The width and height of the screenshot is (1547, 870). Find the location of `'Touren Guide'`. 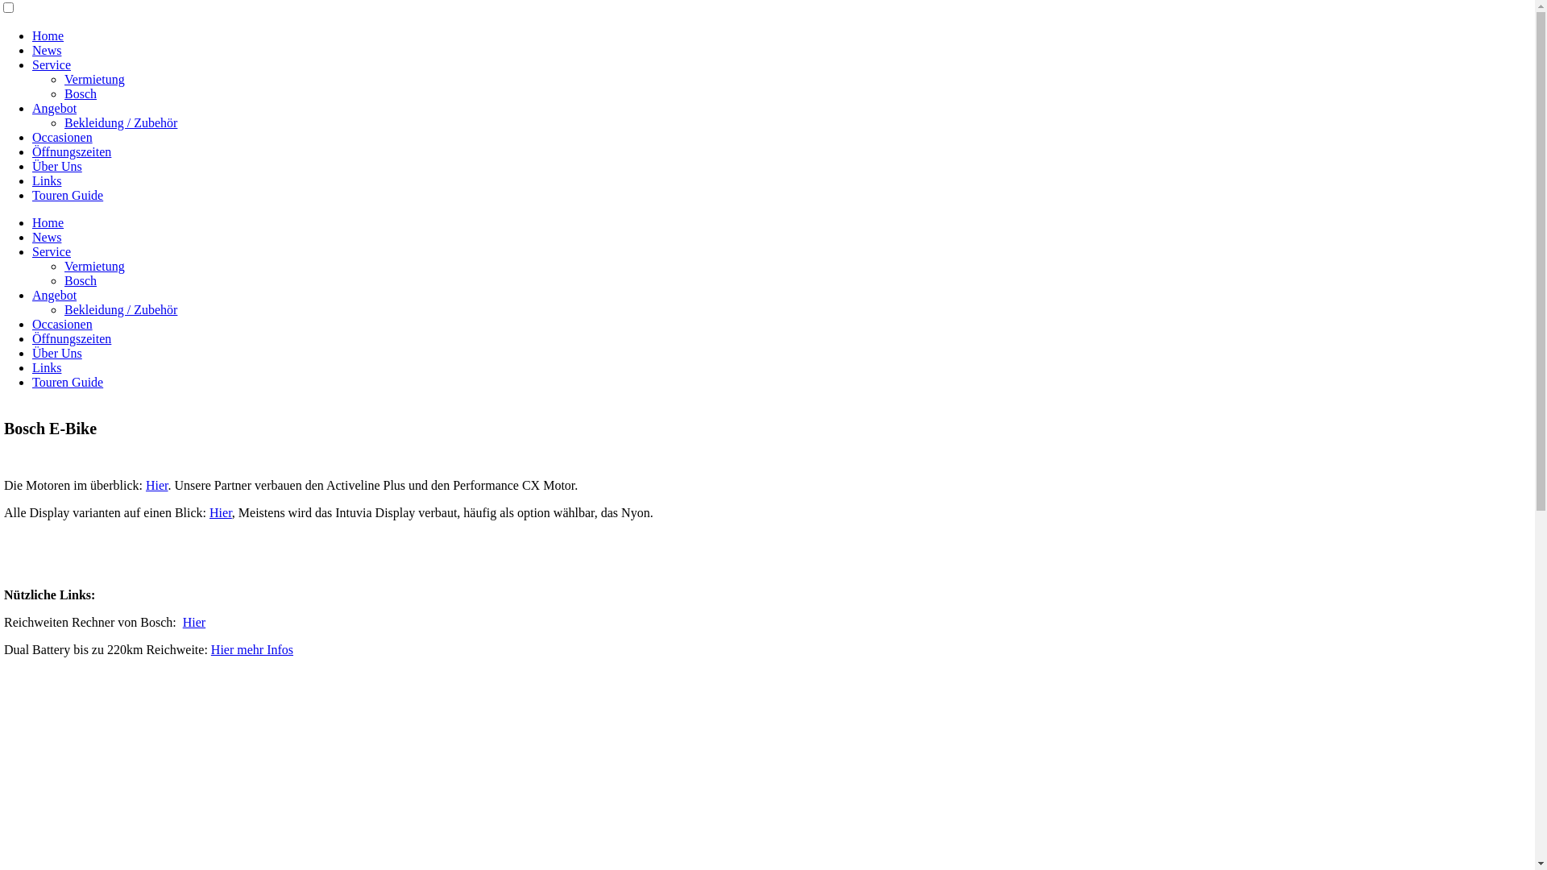

'Touren Guide' is located at coordinates (66, 194).